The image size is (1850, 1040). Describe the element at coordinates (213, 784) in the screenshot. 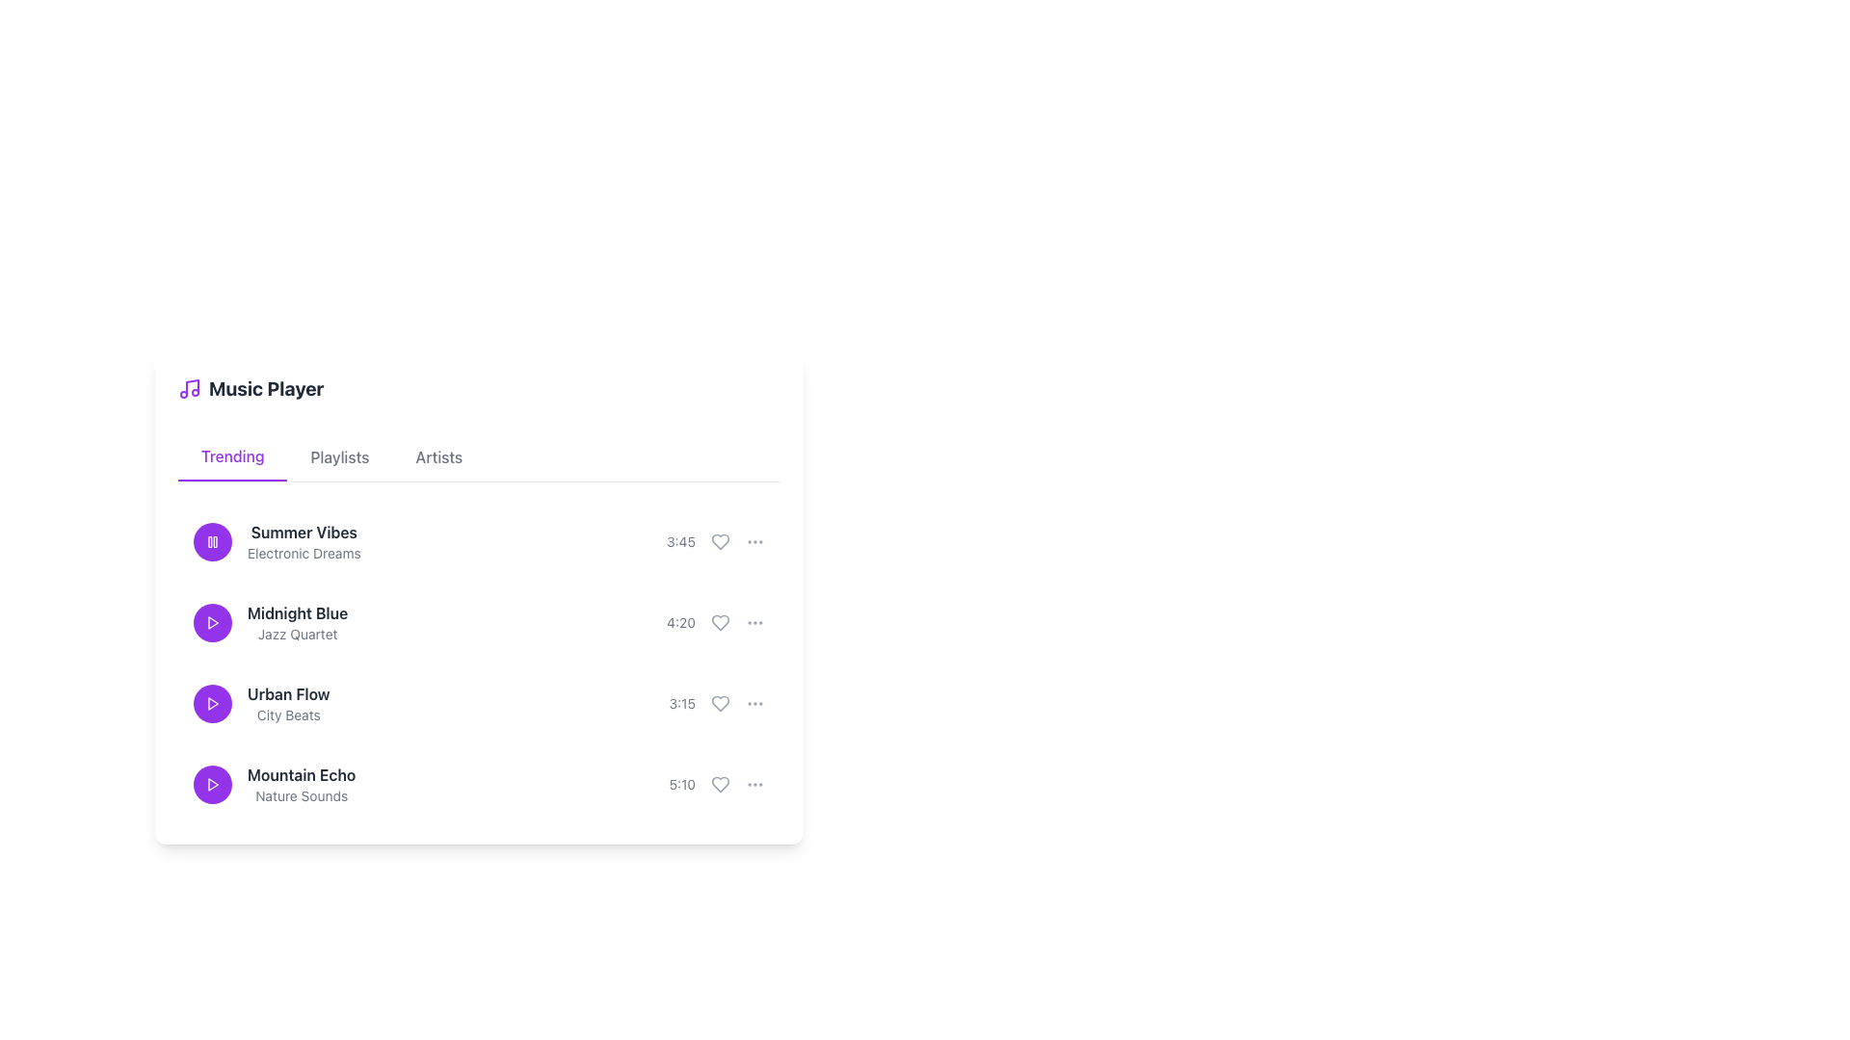

I see `the triangular play button icon with a purple fill and white border located in the last row under the 'Mountain Echo' entry in the 'Trending' tab to play the associated track` at that location.